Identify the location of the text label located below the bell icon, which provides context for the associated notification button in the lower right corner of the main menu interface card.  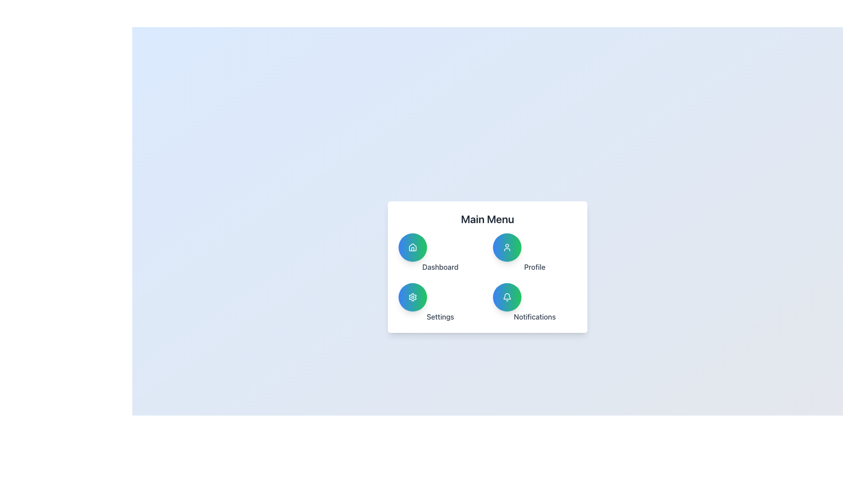
(534, 316).